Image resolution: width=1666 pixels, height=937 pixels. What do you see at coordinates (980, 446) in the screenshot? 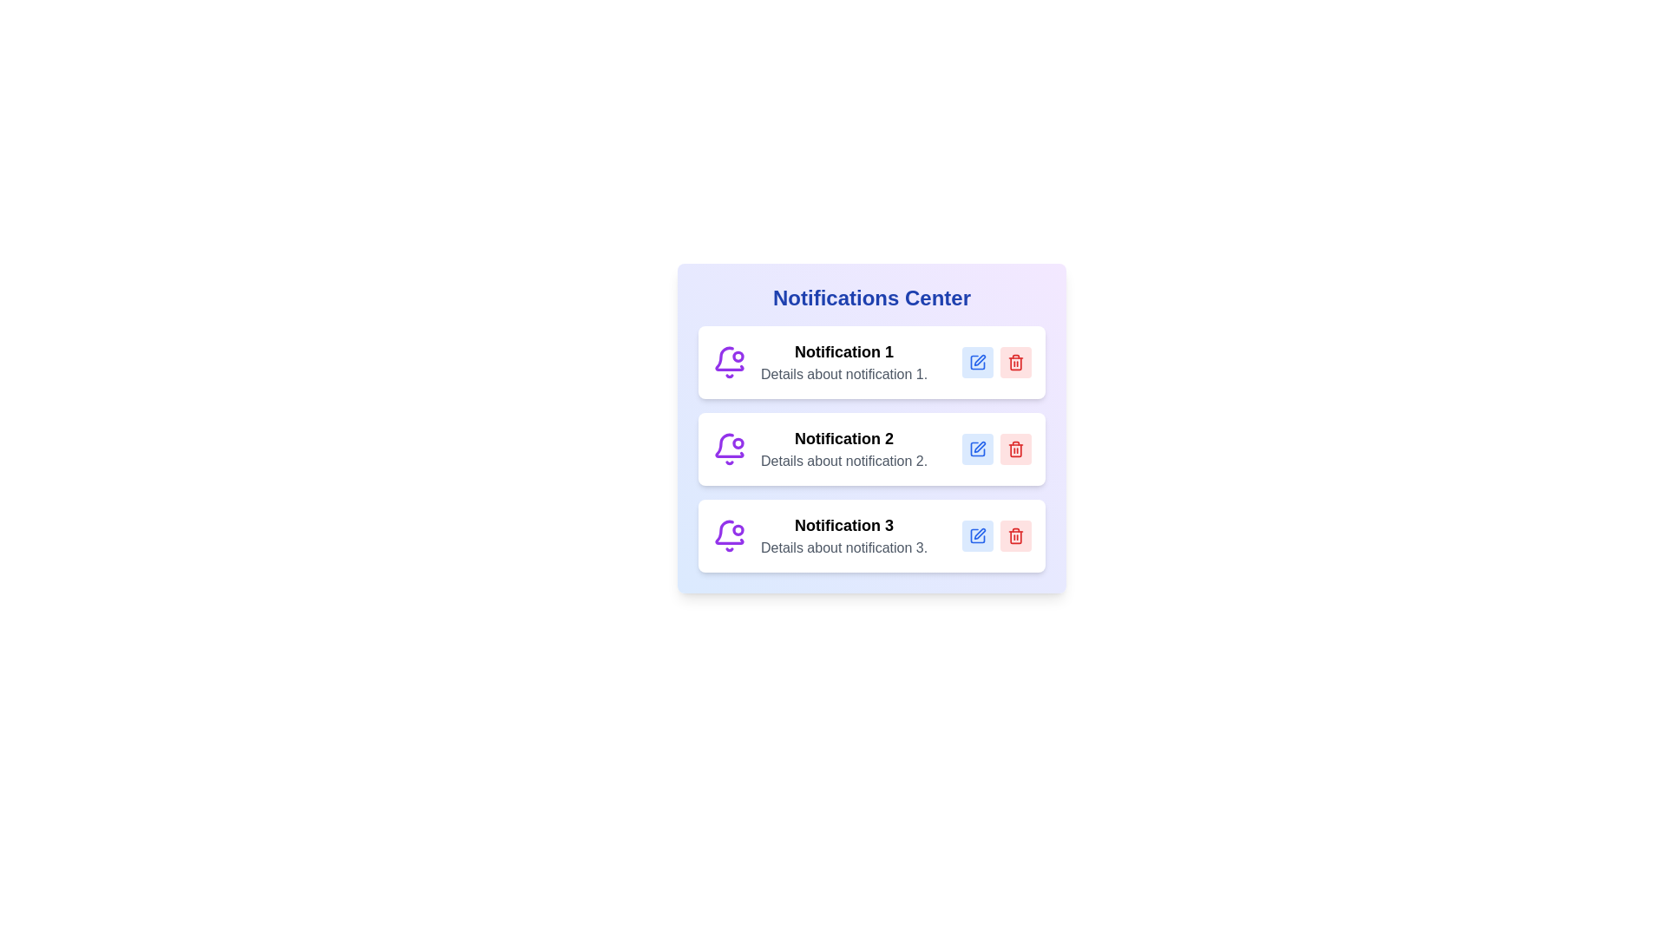
I see `the edit icon located in the second notification card from the top, positioned to the right of the card content and next to the trash icon` at bounding box center [980, 446].